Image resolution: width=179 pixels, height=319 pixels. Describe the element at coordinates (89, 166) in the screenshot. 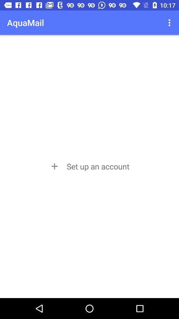

I see `the app below aquamail app` at that location.